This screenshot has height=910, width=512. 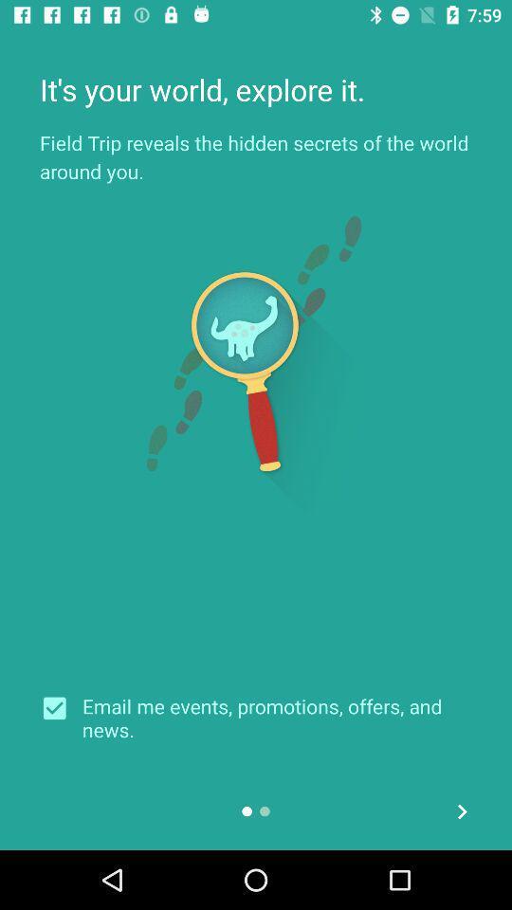 I want to click on item at the bottom left corner, so click(x=61, y=707).